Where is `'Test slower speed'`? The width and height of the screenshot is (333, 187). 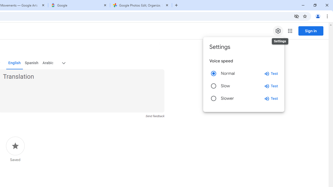 'Test slower speed' is located at coordinates (271, 98).